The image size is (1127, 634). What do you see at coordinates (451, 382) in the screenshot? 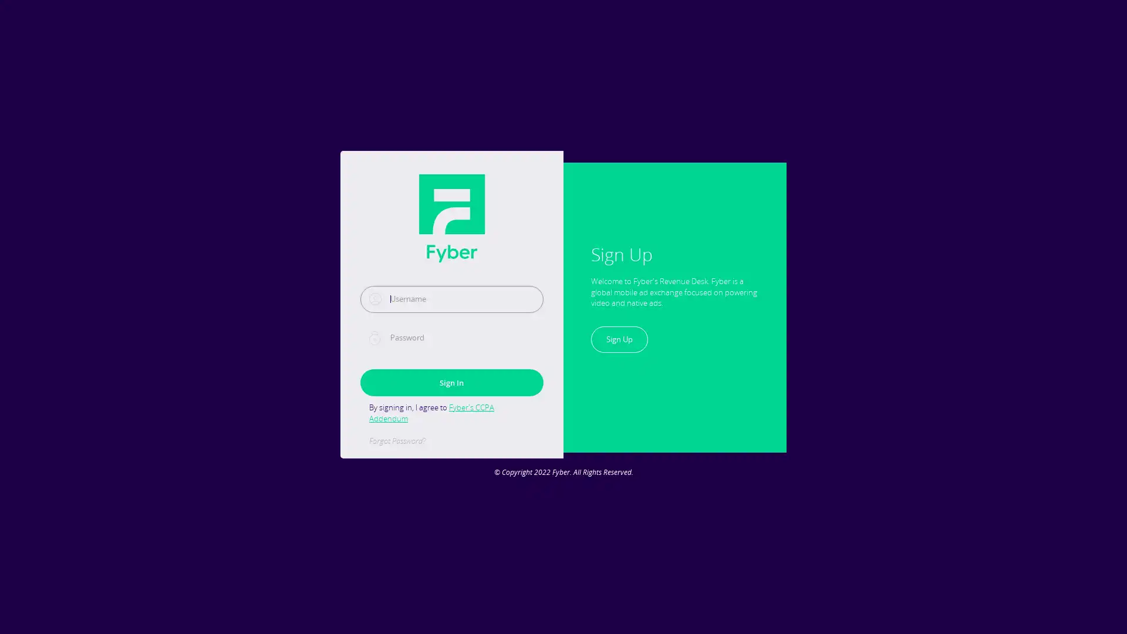
I see `Sign In` at bounding box center [451, 382].